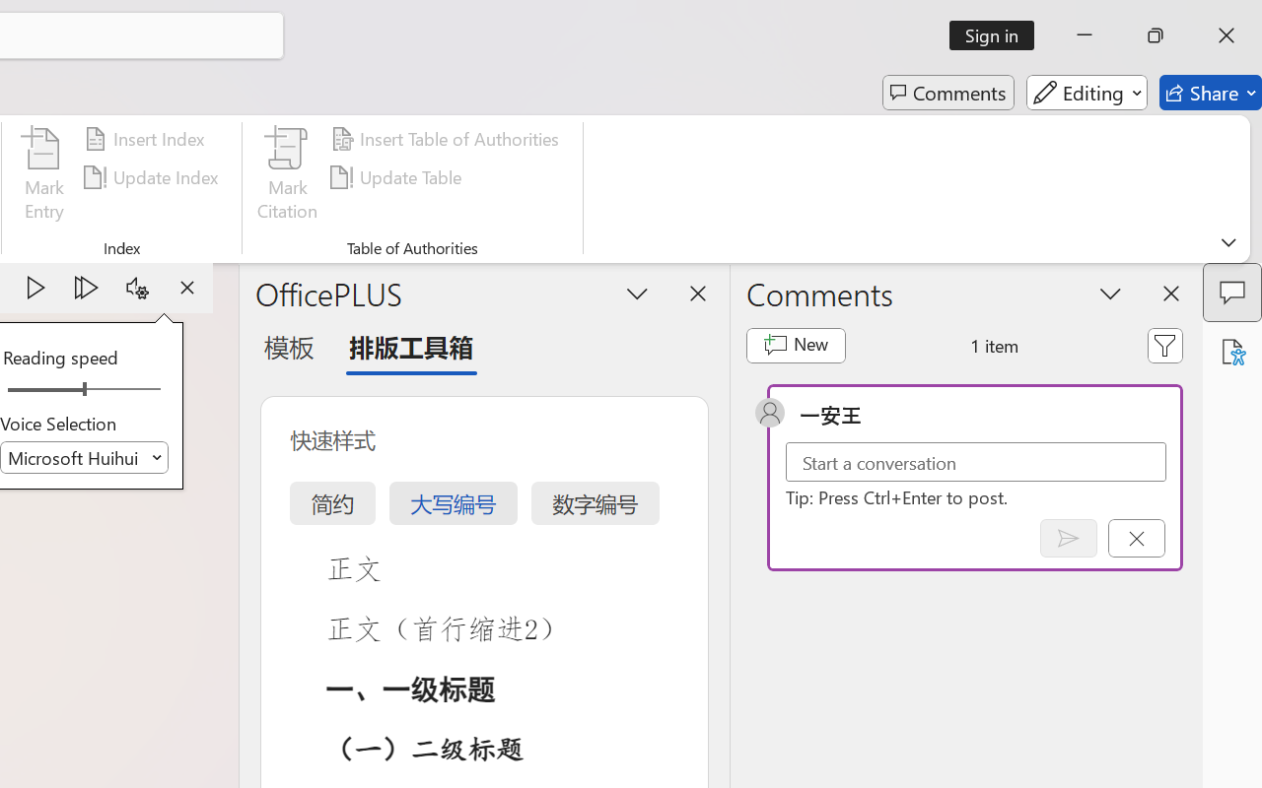  What do you see at coordinates (83, 456) in the screenshot?
I see `'Voice Selection'` at bounding box center [83, 456].